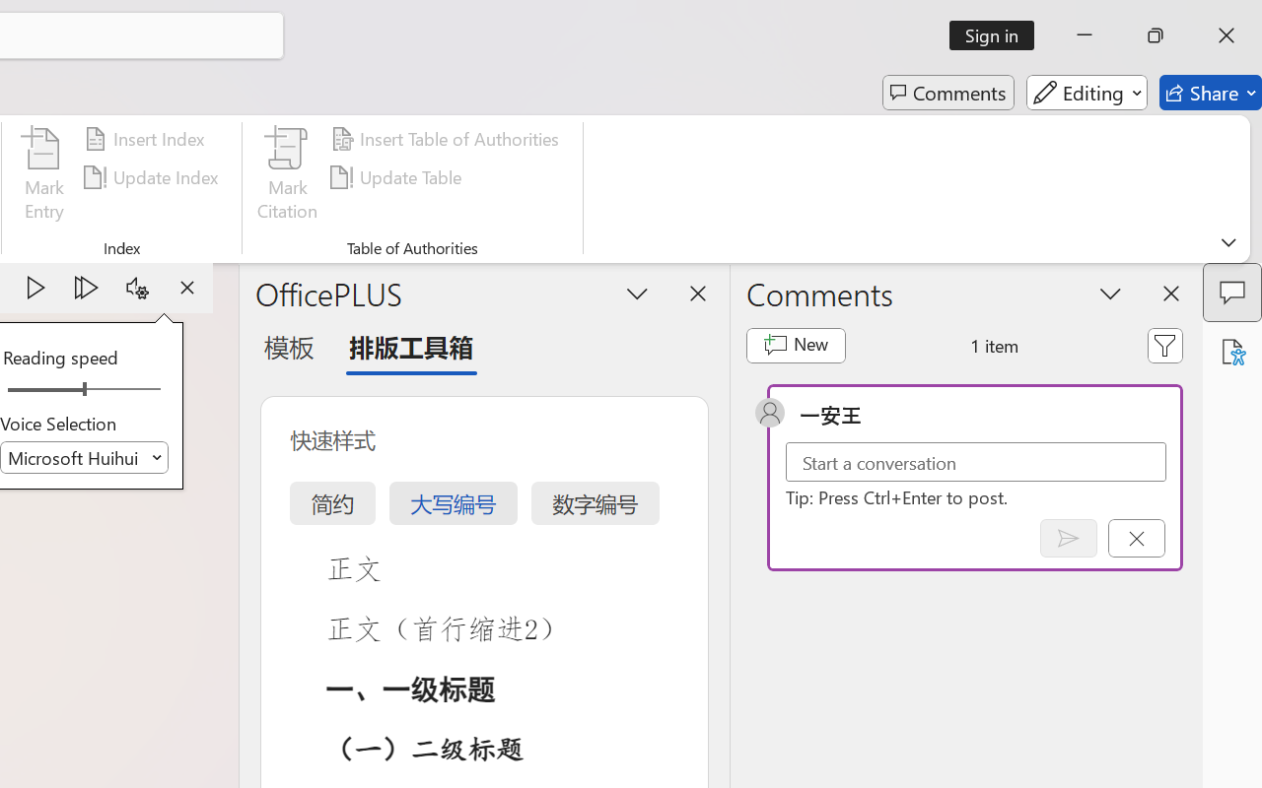  What do you see at coordinates (83, 456) in the screenshot?
I see `'Voice Selection'` at bounding box center [83, 456].